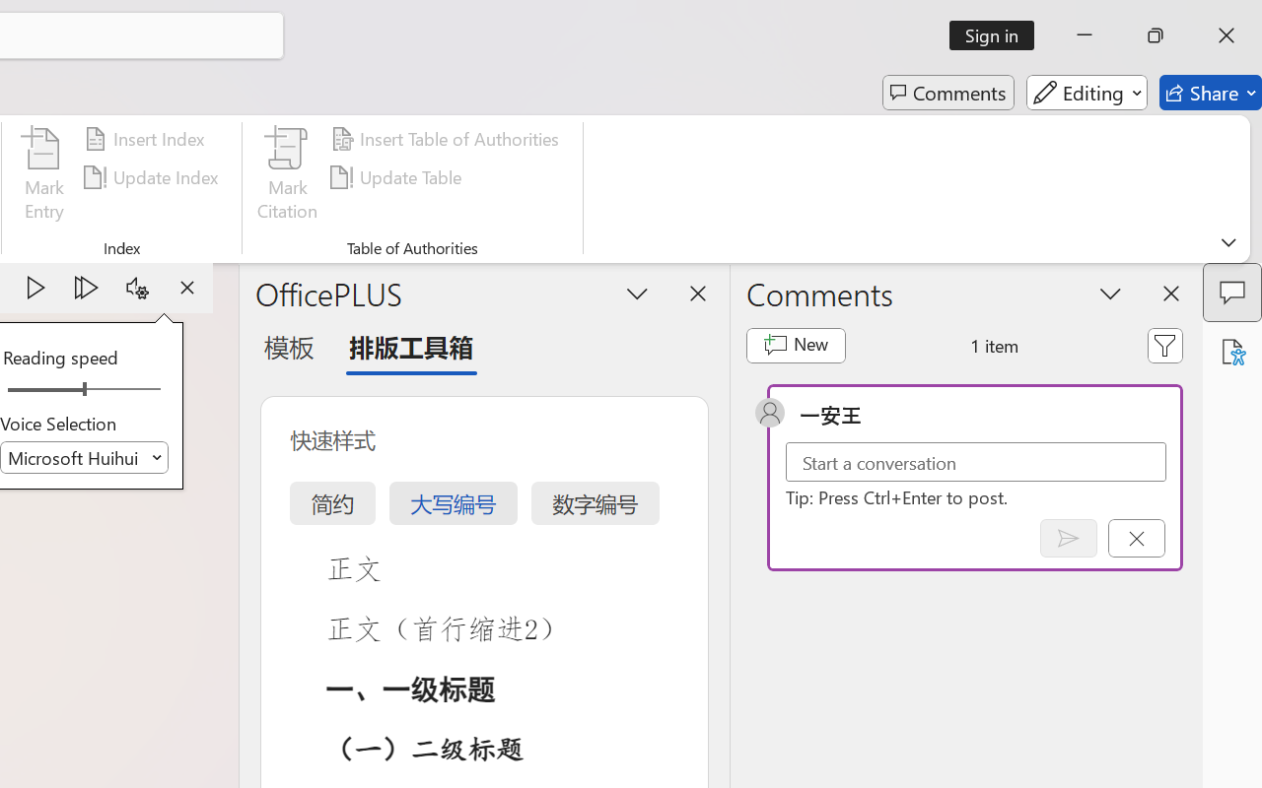  What do you see at coordinates (83, 456) in the screenshot?
I see `'Voice Selection'` at bounding box center [83, 456].